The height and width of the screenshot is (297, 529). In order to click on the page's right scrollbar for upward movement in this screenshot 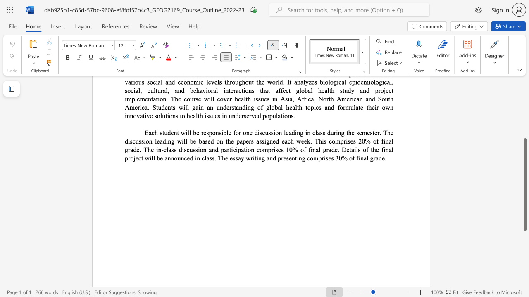, I will do `click(524, 120)`.